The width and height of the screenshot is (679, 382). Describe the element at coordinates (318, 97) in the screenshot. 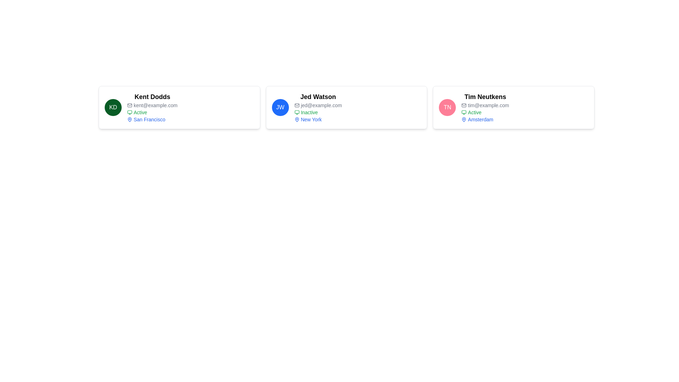

I see `name displayed in the text label located at the top of the second profile card, which serves as an identifier for the individual represented by the card` at that location.